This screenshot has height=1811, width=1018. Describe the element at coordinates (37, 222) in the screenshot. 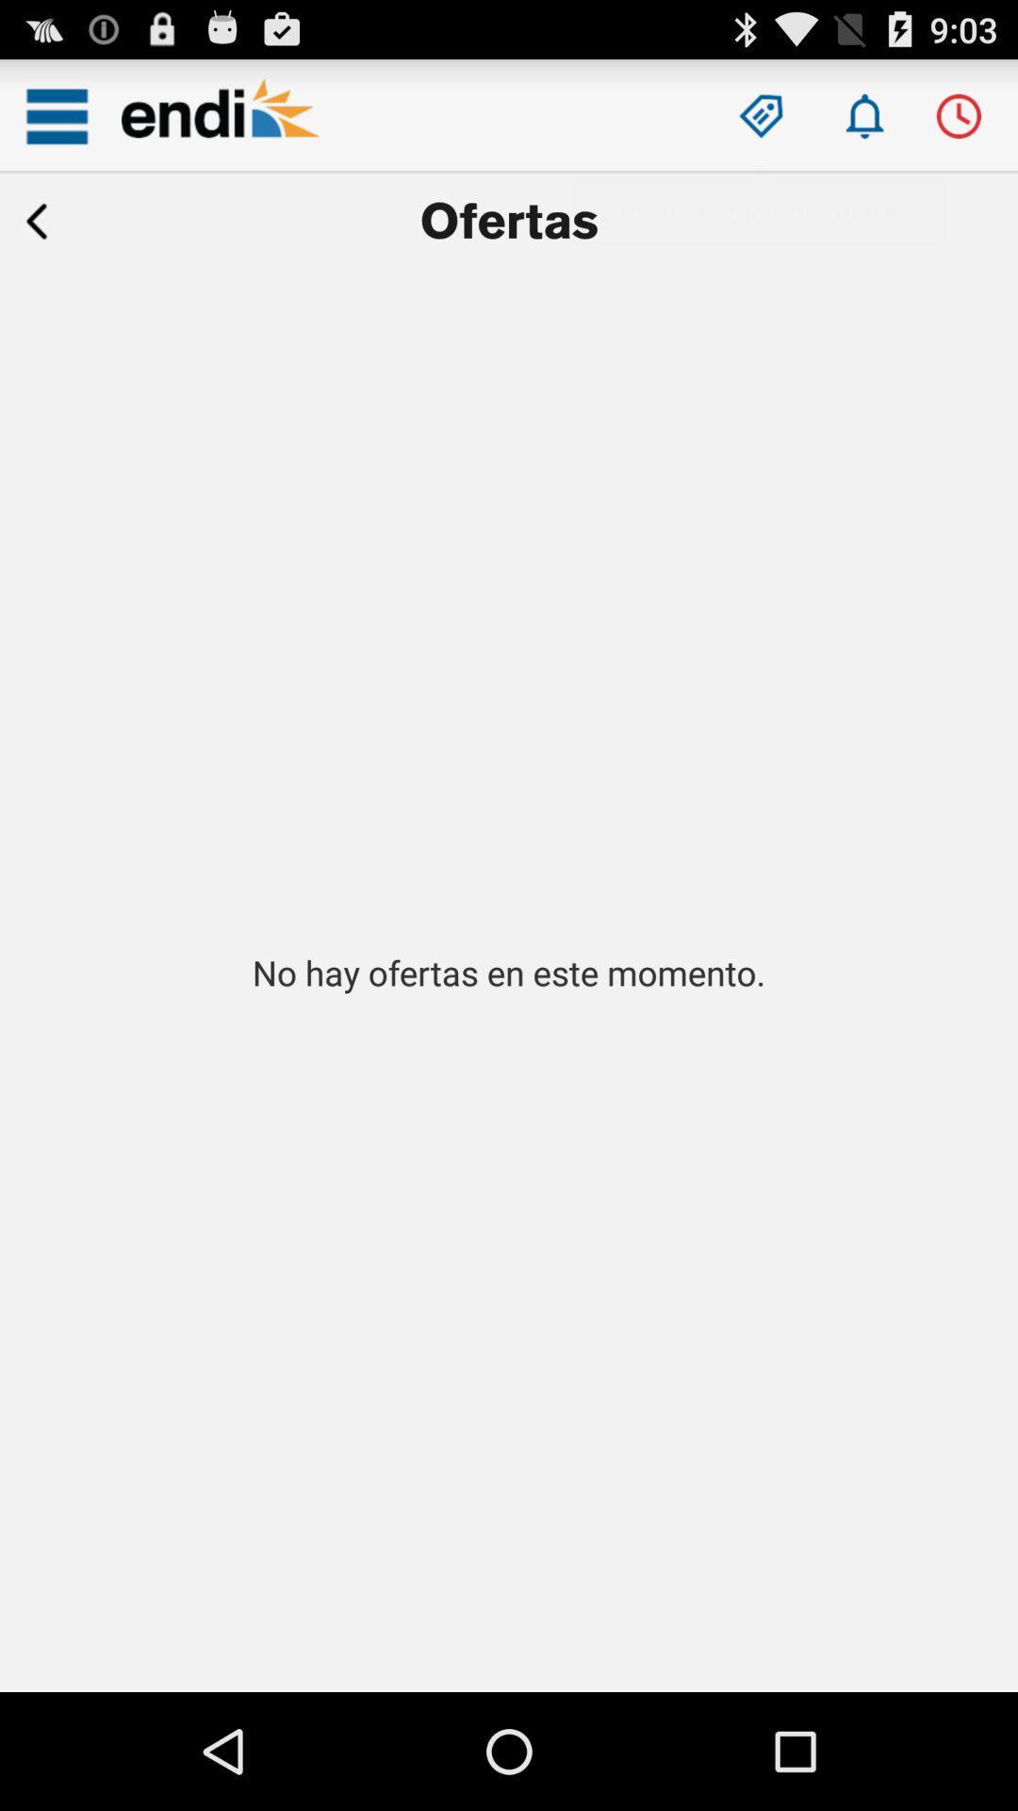

I see `click on the back page arrow` at that location.